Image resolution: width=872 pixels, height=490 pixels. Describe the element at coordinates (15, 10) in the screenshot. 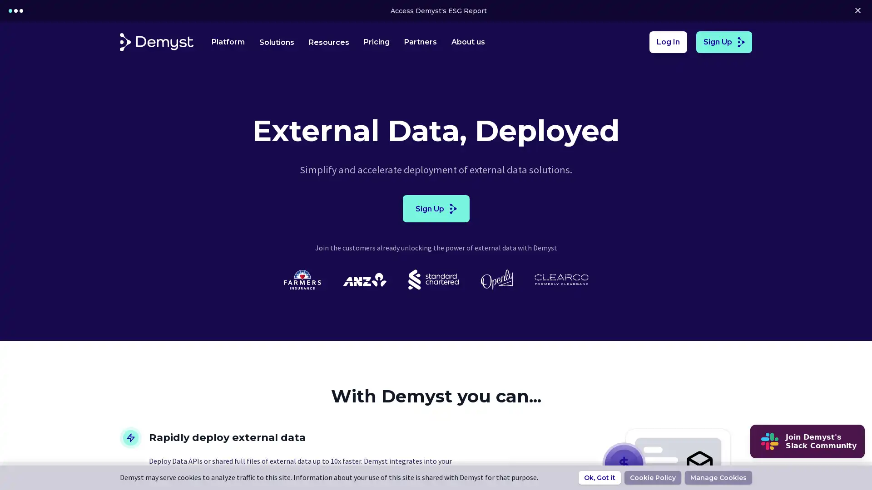

I see `Banner control button 1` at that location.